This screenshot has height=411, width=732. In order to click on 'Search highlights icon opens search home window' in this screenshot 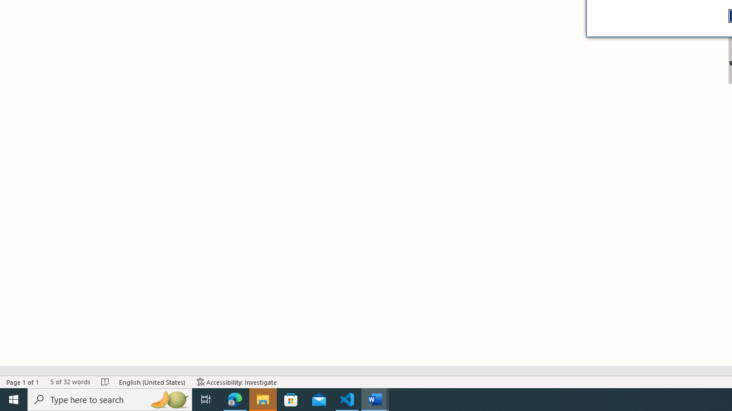, I will do `click(168, 398)`.